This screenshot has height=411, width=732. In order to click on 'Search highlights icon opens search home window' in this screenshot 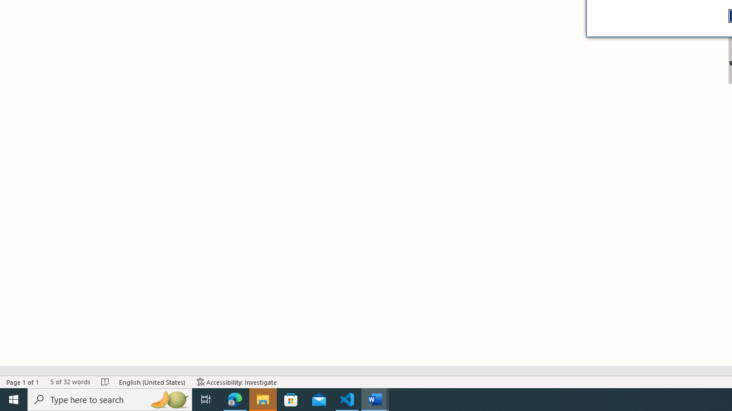, I will do `click(168, 398)`.